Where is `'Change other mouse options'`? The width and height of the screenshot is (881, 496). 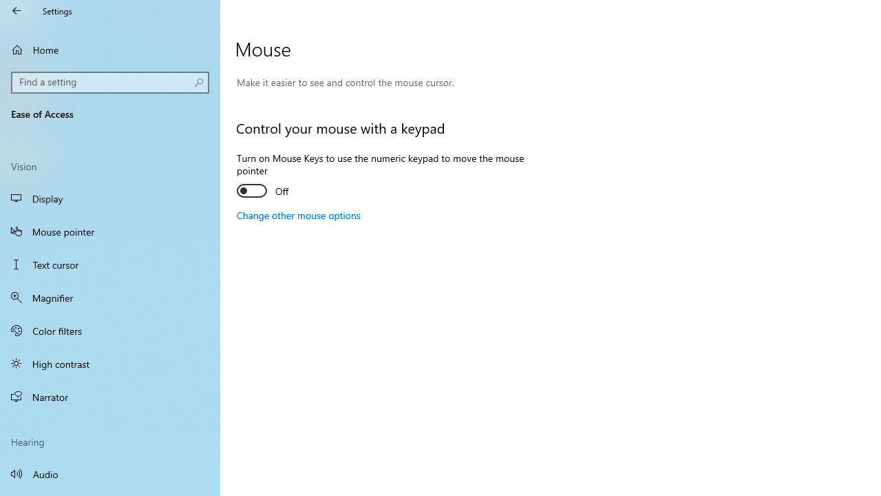 'Change other mouse options' is located at coordinates (297, 215).